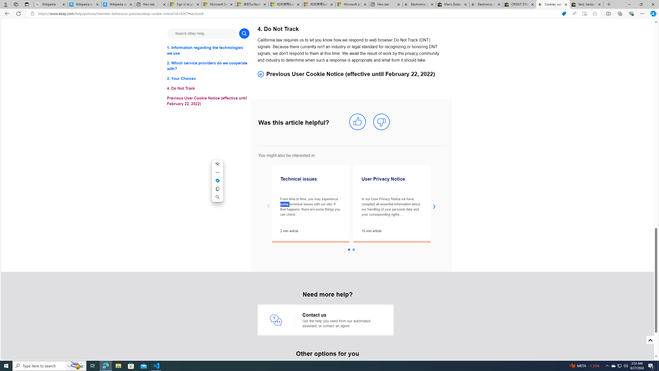 This screenshot has width=659, height=371. Describe the element at coordinates (434, 206) in the screenshot. I see `'next slide'` at that location.